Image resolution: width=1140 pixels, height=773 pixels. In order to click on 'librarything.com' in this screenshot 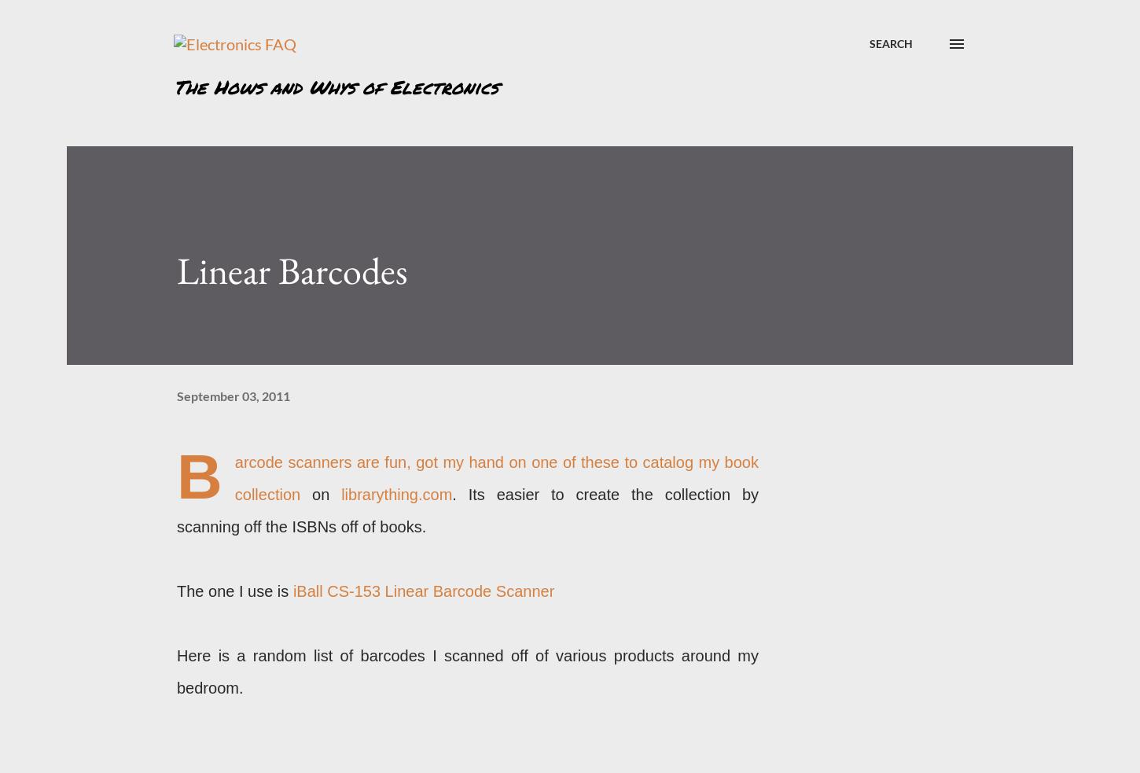, I will do `click(396, 495)`.